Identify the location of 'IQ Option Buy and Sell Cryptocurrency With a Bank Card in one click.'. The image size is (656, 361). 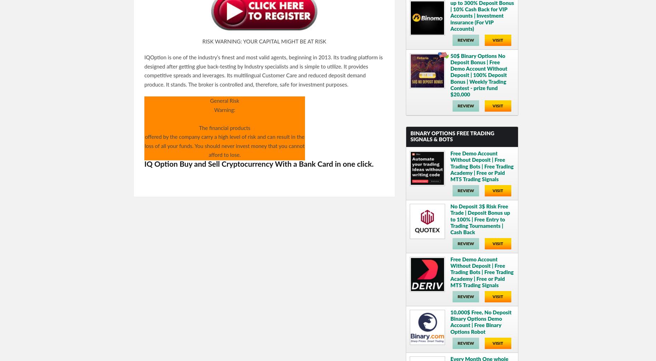
(144, 164).